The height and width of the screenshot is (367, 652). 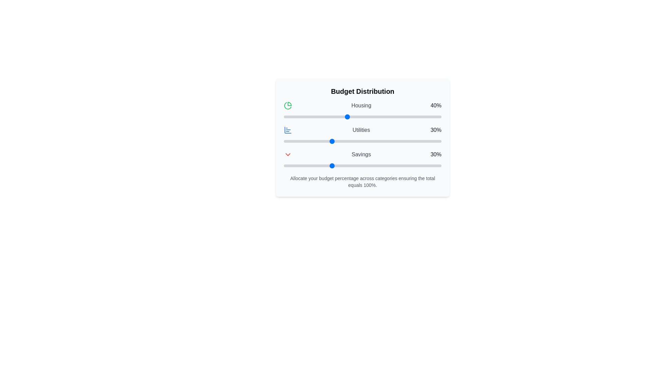 What do you see at coordinates (362, 135) in the screenshot?
I see `the slider in the 'Utilities' budget allocation section` at bounding box center [362, 135].